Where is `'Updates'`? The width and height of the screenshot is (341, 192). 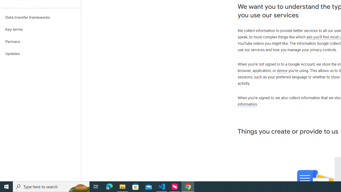 'Updates' is located at coordinates (40, 54).